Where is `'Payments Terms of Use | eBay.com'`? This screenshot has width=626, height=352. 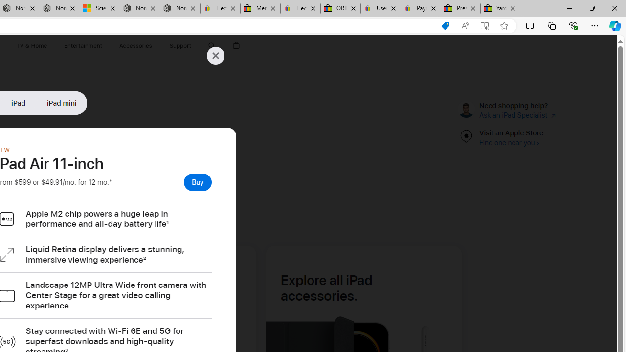
'Payments Terms of Use | eBay.com' is located at coordinates (421, 8).